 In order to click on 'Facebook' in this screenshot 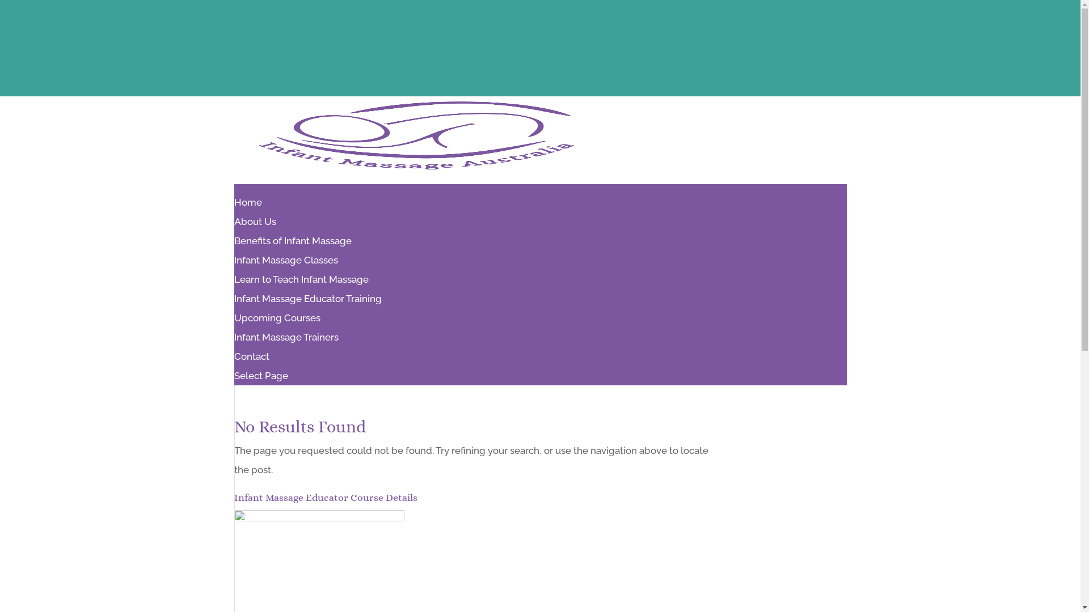, I will do `click(233, 9)`.